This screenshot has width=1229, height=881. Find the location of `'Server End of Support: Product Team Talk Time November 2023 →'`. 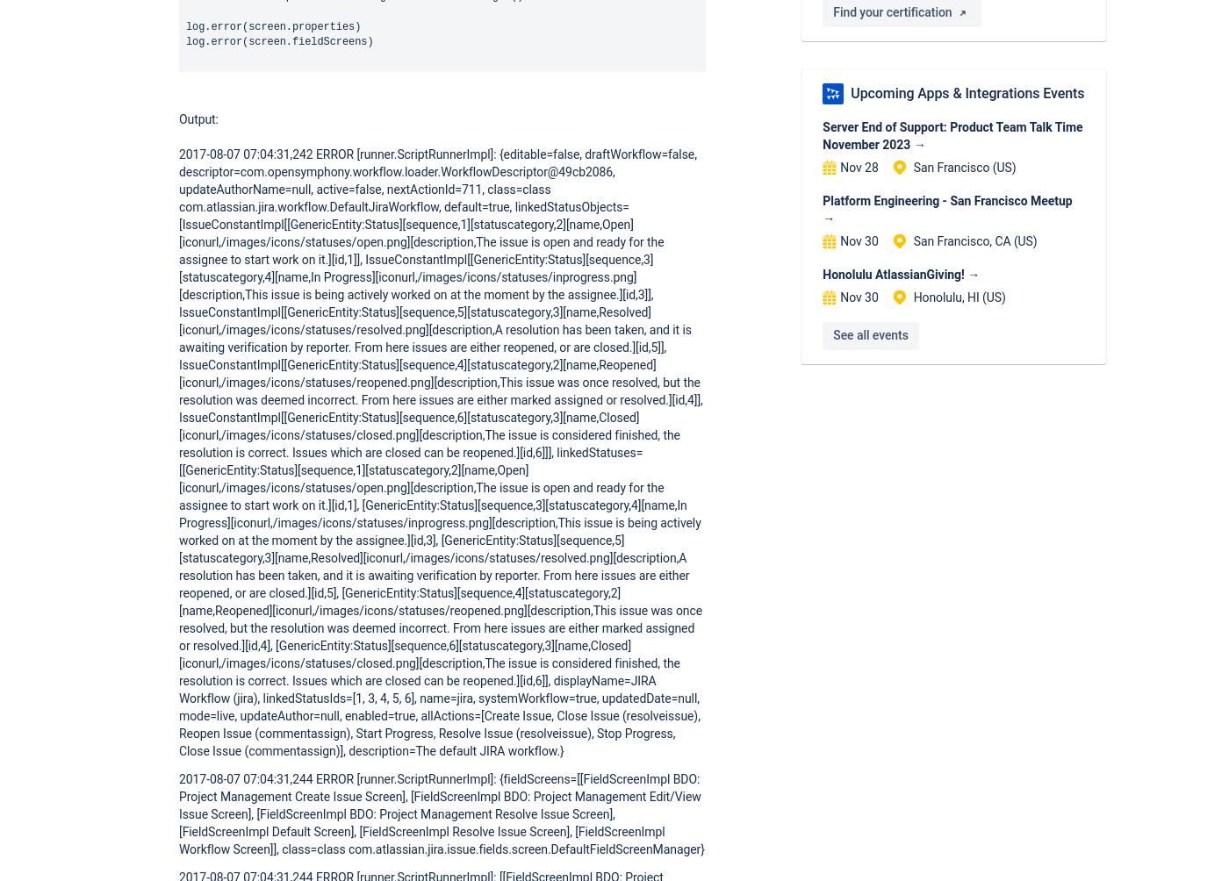

'Server End of Support: Product Team Talk Time November 2023 →' is located at coordinates (952, 135).